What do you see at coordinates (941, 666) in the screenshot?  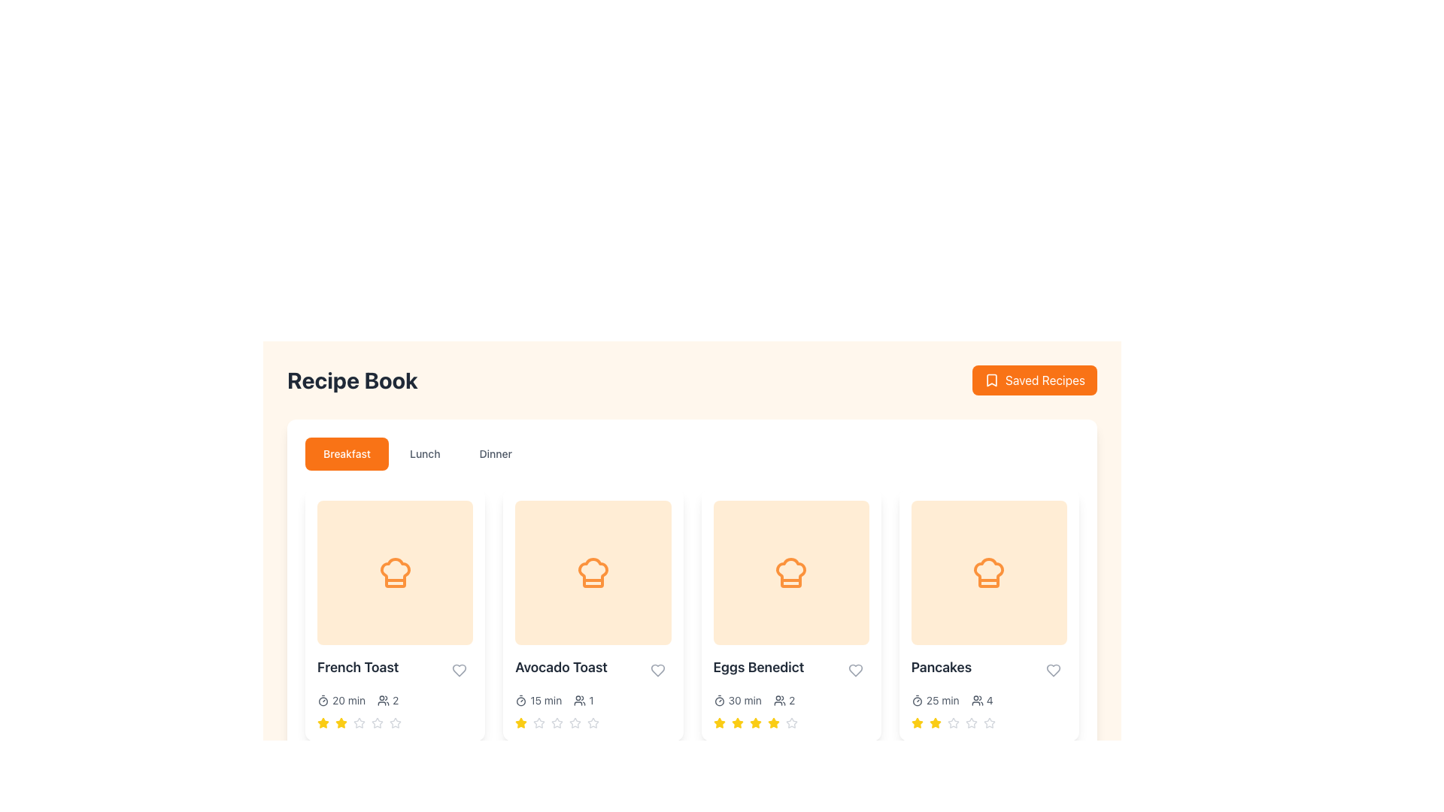 I see `the text label that serves as the title of the recipe card located in the fourth card of a horizontal list, positioned above the star ratings and time/person information` at bounding box center [941, 666].